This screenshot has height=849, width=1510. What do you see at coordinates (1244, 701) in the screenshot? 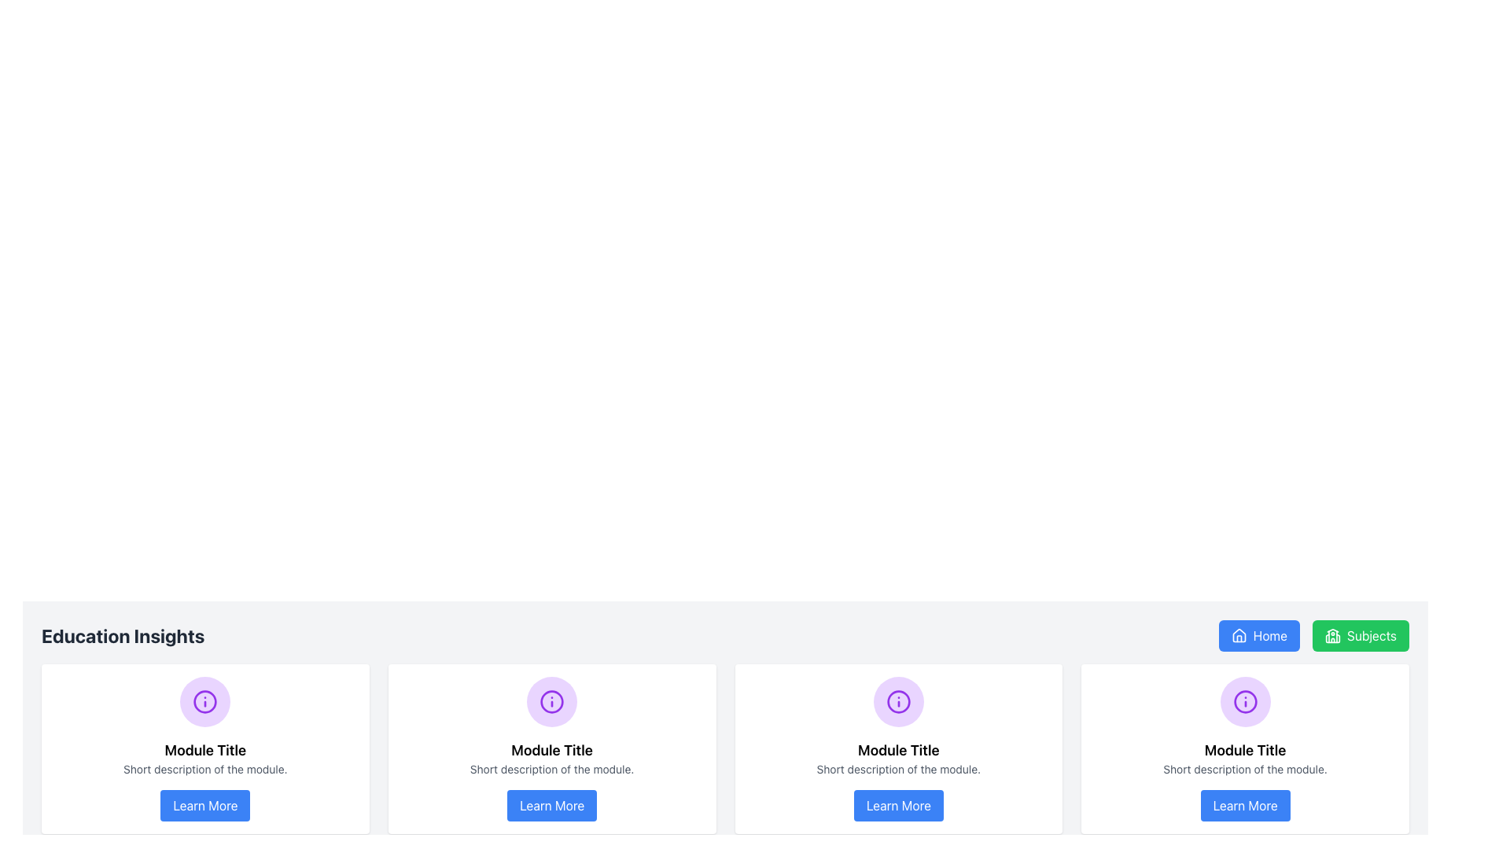
I see `the graphical decoration of the information icon located in the last module card, which represents additional details about the corresponding module` at bounding box center [1244, 701].